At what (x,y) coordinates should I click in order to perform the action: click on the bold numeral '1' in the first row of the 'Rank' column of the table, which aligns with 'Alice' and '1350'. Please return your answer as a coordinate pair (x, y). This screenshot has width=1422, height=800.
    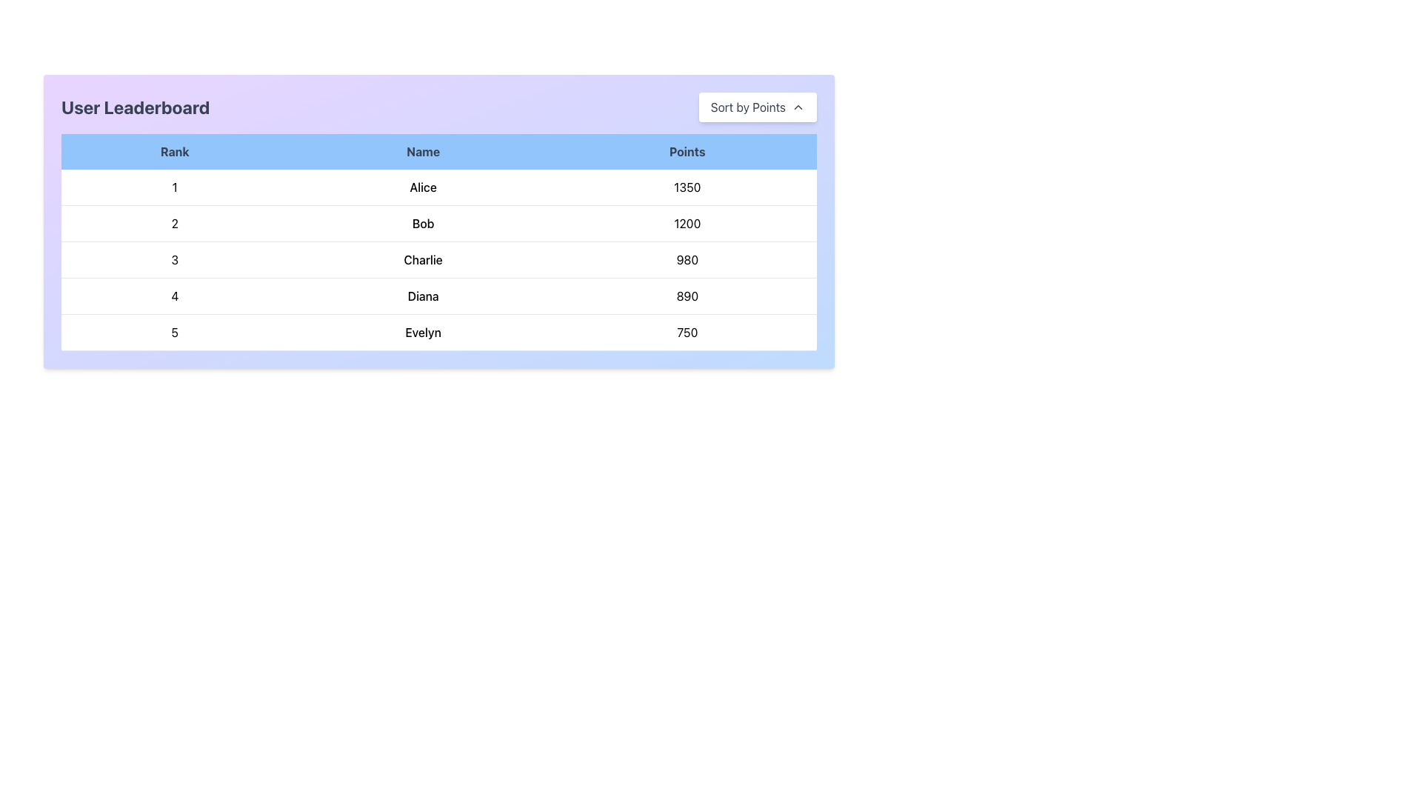
    Looking at the image, I should click on (175, 187).